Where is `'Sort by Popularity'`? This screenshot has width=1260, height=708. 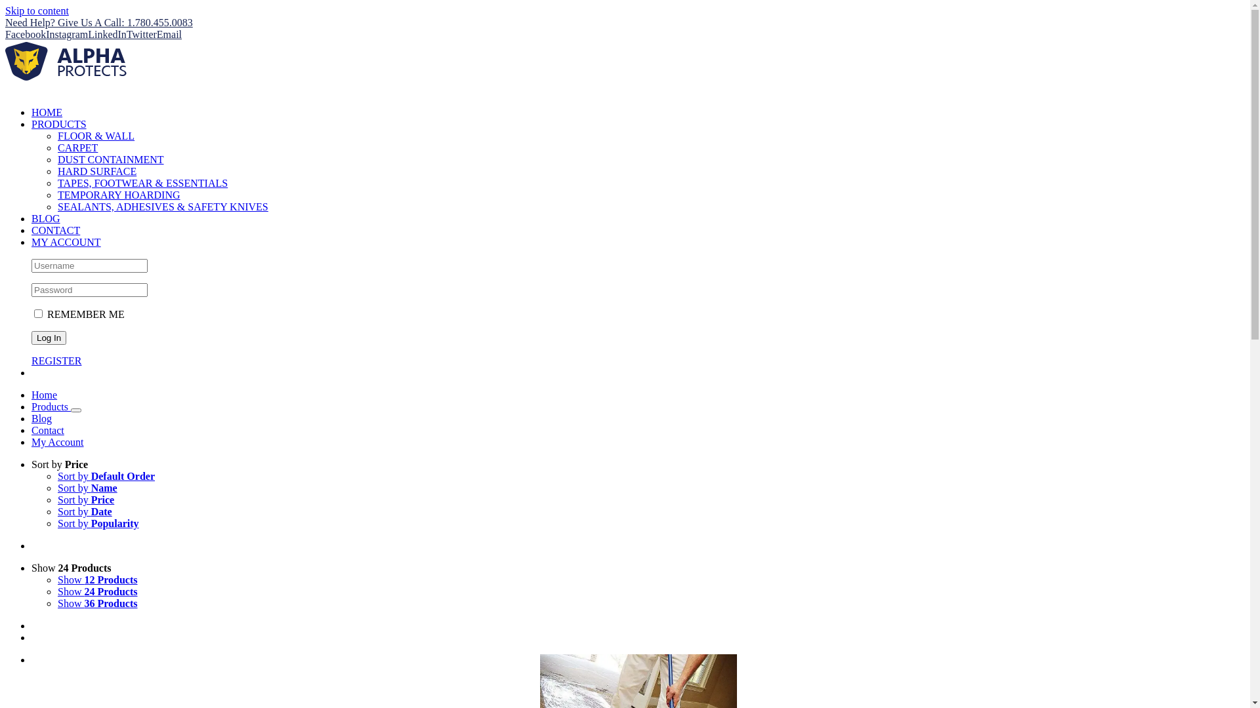
'Sort by Popularity' is located at coordinates (97, 522).